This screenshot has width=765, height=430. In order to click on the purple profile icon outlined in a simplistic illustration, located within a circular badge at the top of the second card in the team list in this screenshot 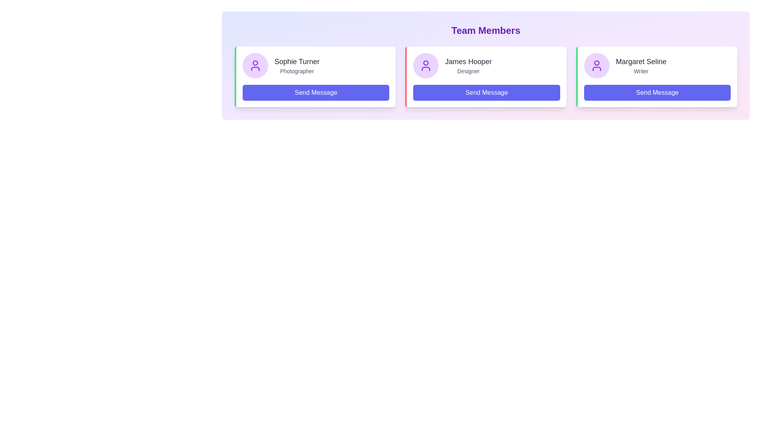, I will do `click(596, 65)`.